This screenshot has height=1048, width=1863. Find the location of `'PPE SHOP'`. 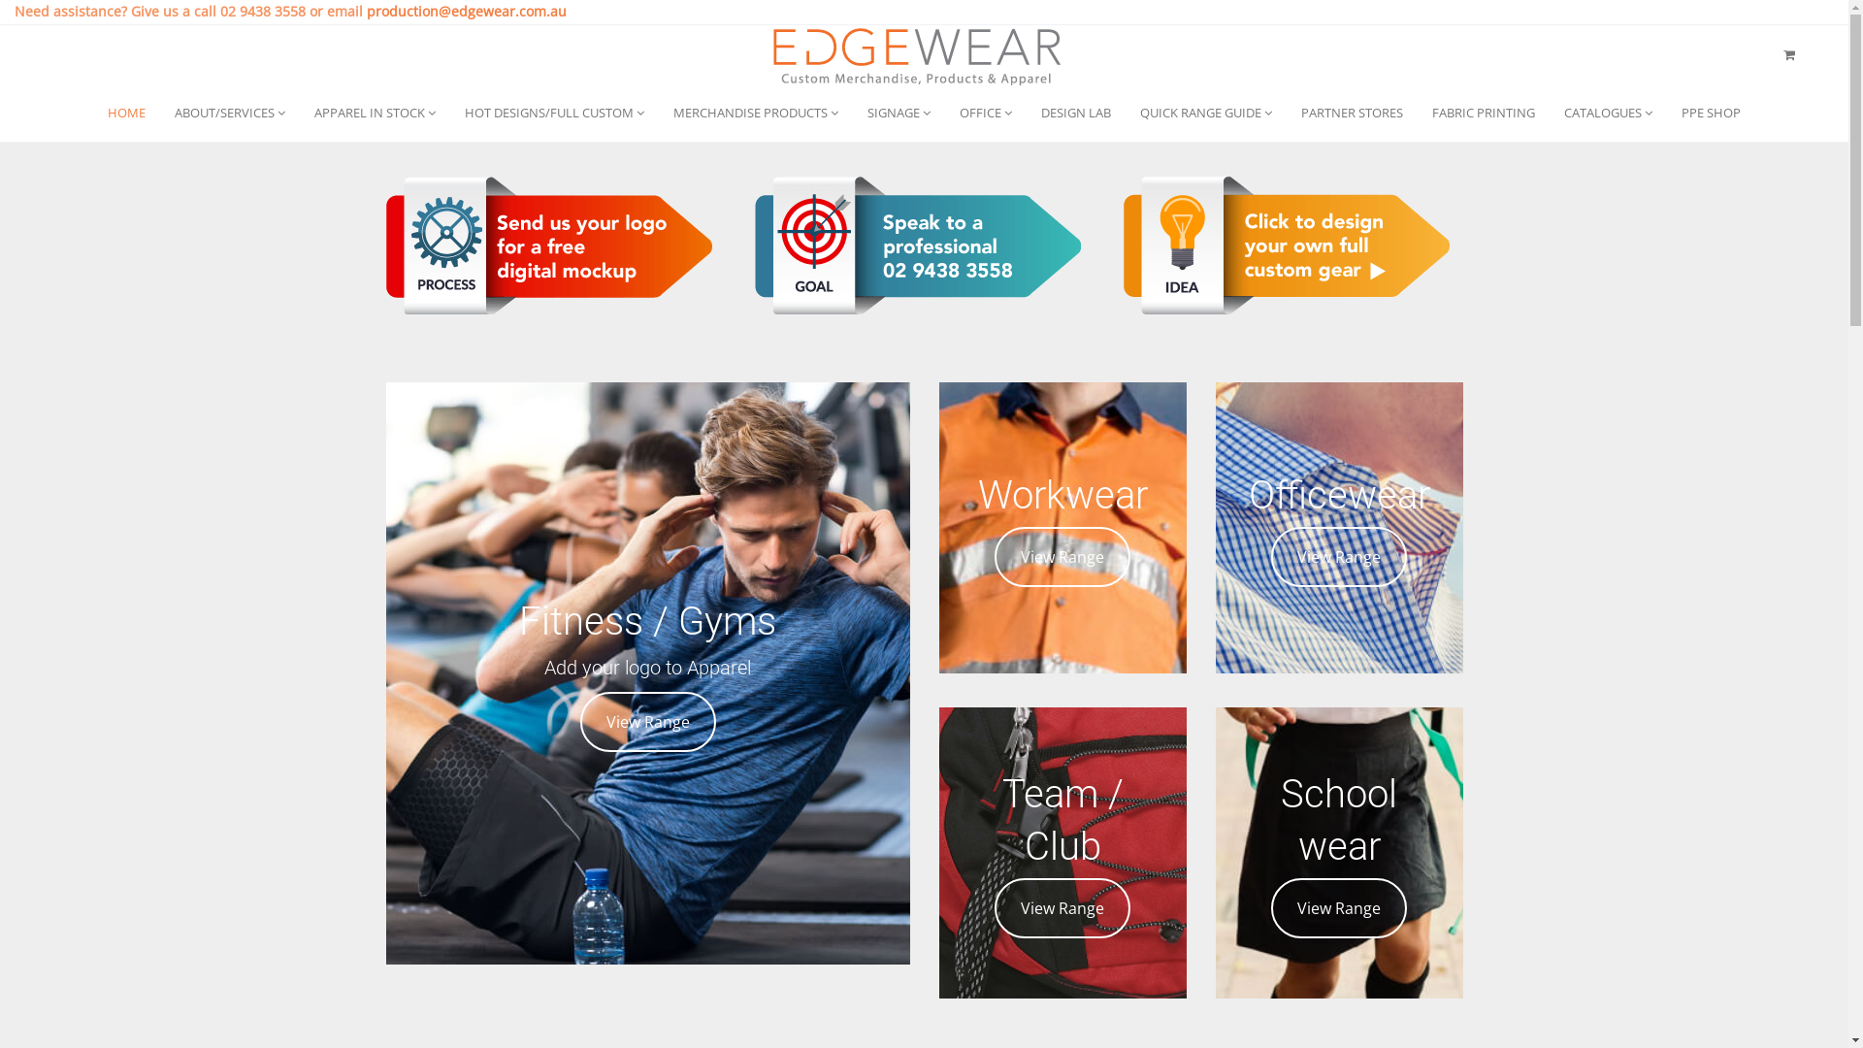

'PPE SHOP' is located at coordinates (1711, 112).